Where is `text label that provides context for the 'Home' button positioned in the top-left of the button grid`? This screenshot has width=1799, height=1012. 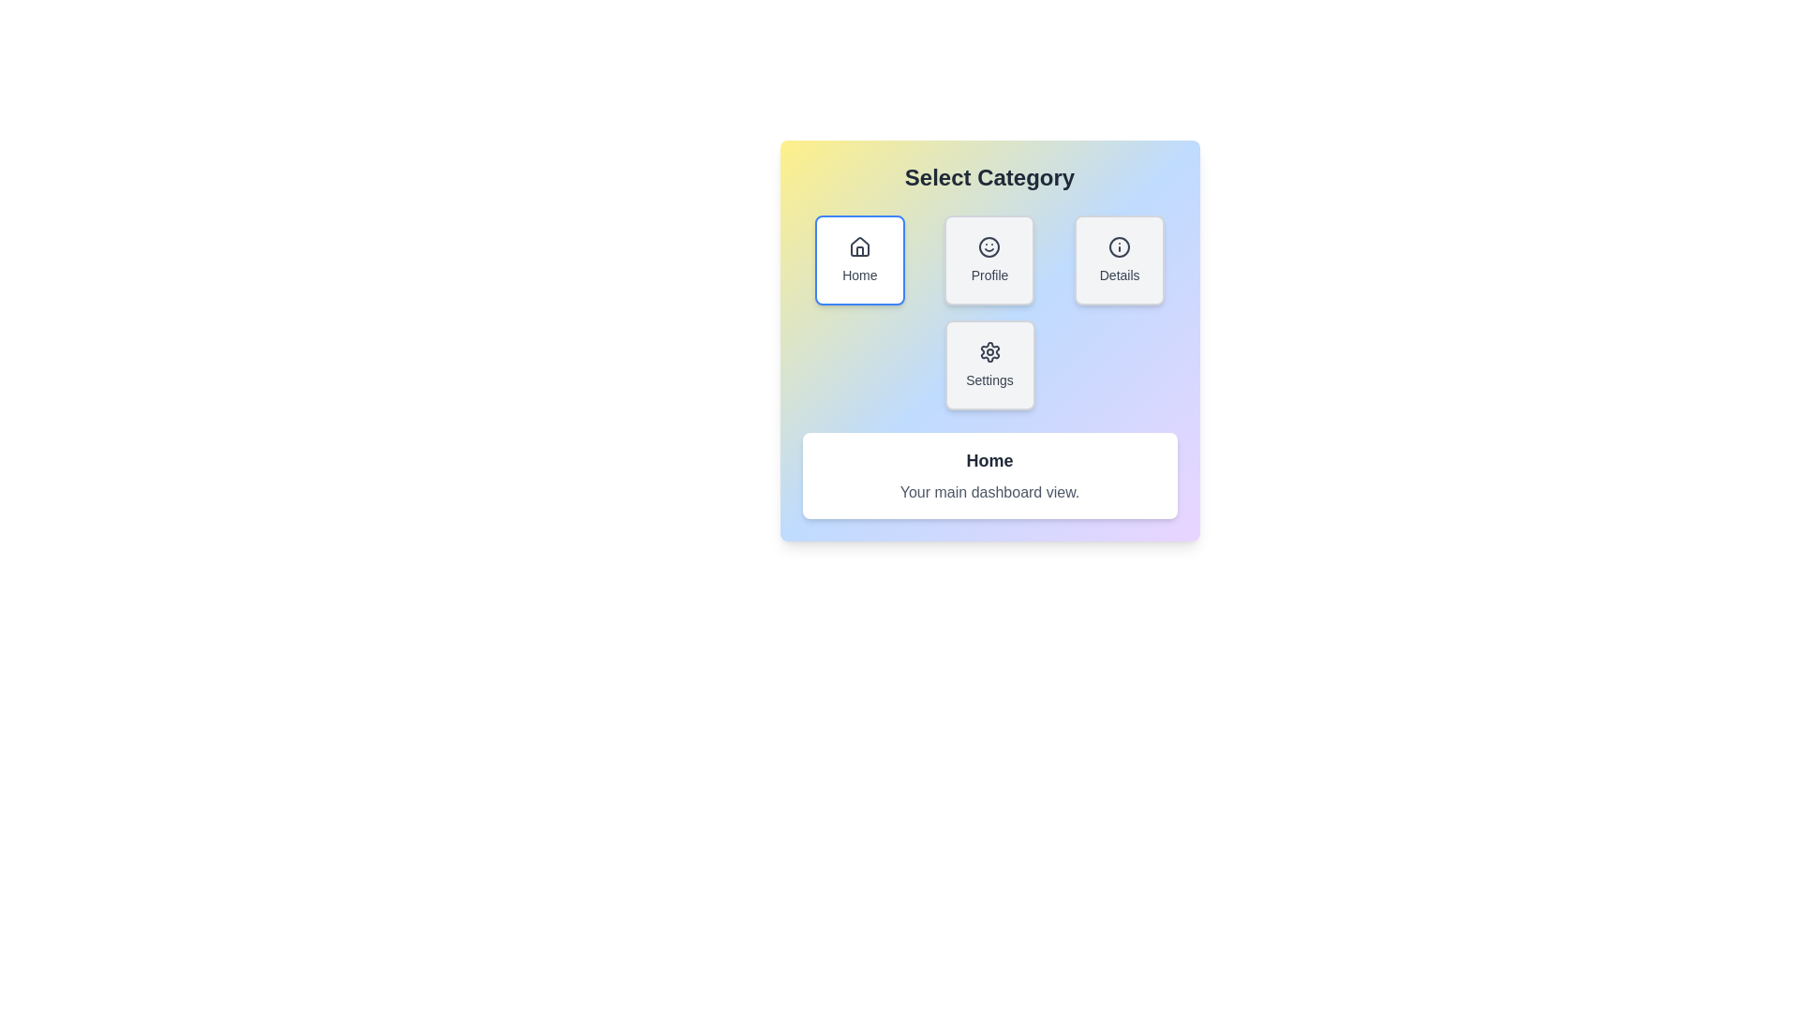
text label that provides context for the 'Home' button positioned in the top-left of the button grid is located at coordinates (858, 275).